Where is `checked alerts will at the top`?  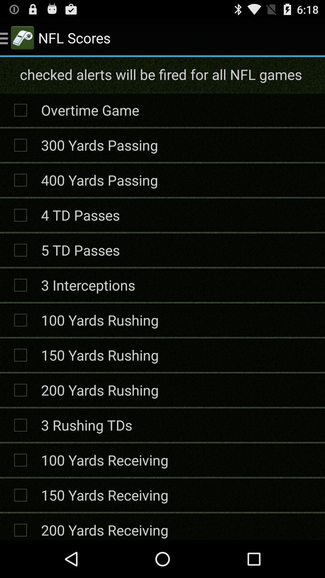 checked alerts will at the top is located at coordinates (162, 74).